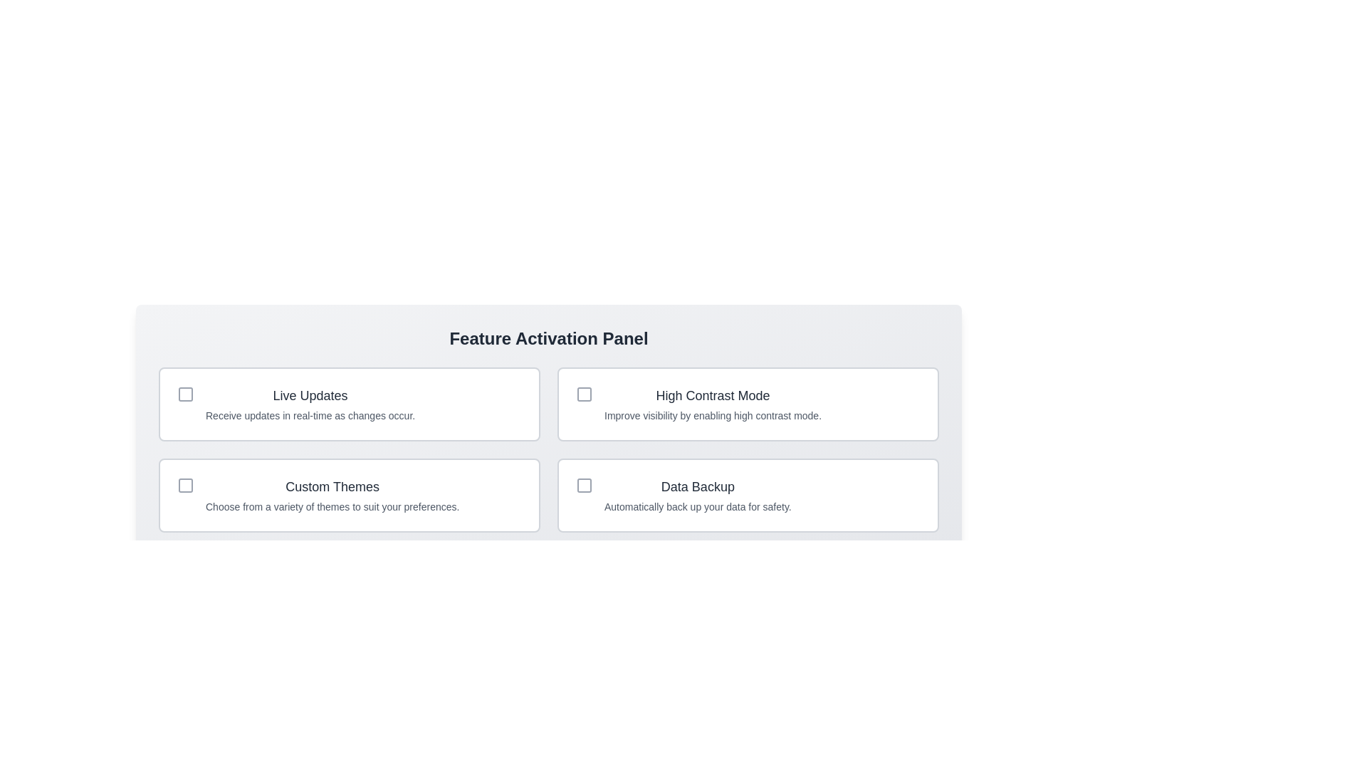 This screenshot has height=769, width=1367. Describe the element at coordinates (713, 404) in the screenshot. I see `the Informational Text Block that describes the high contrast mode feature` at that location.